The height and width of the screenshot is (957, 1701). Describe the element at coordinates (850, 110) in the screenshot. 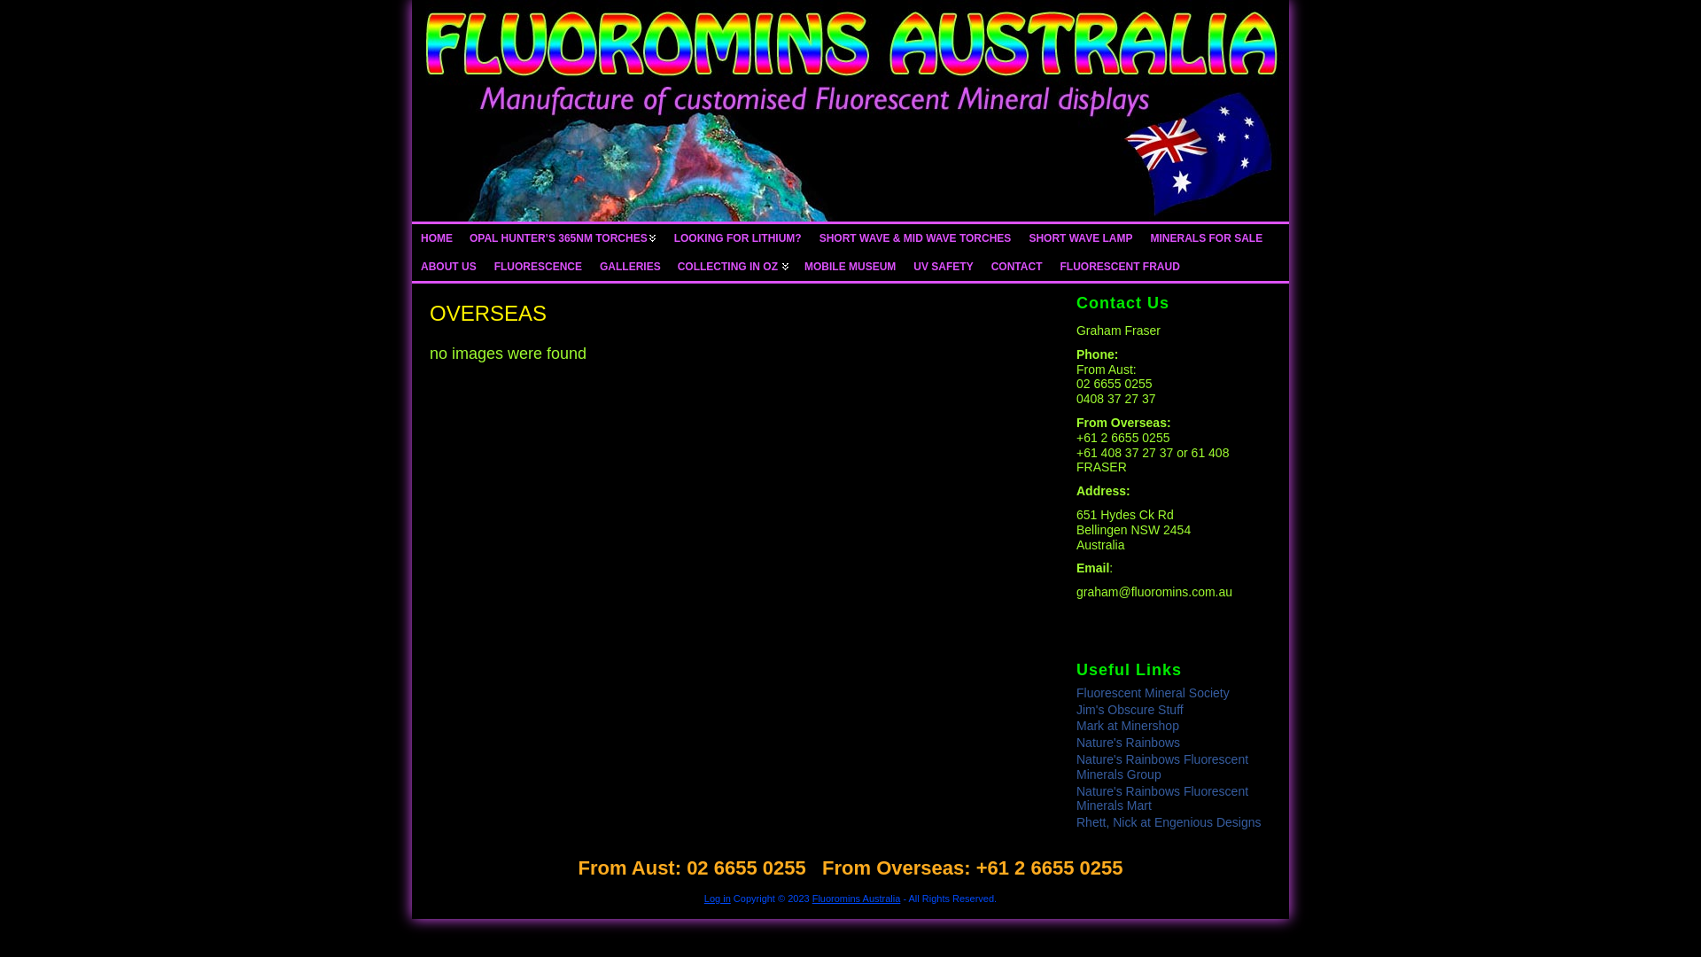

I see `' '` at that location.